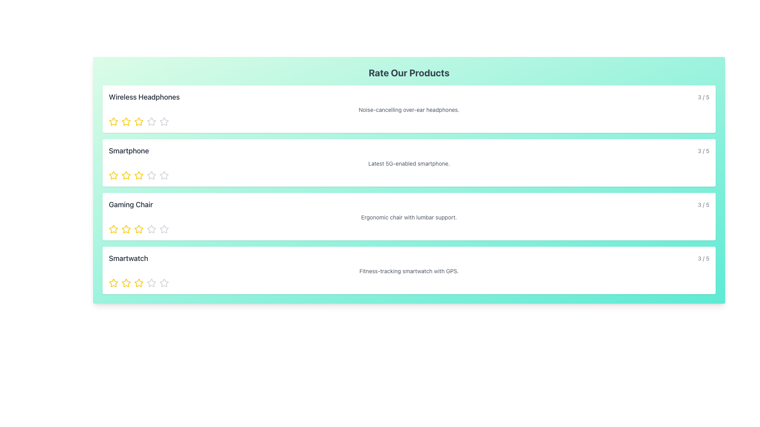 The width and height of the screenshot is (760, 427). What do you see at coordinates (125, 175) in the screenshot?
I see `the second star from the left in the rating section for the 'Smartphone' product` at bounding box center [125, 175].